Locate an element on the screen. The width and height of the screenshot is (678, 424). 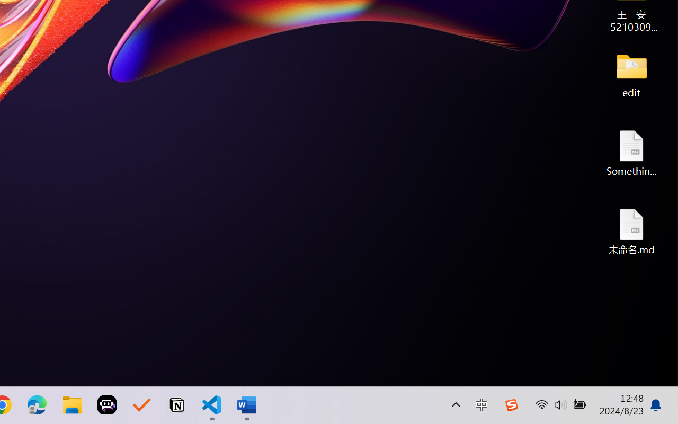
'Microsoft Edge' is located at coordinates (37, 405).